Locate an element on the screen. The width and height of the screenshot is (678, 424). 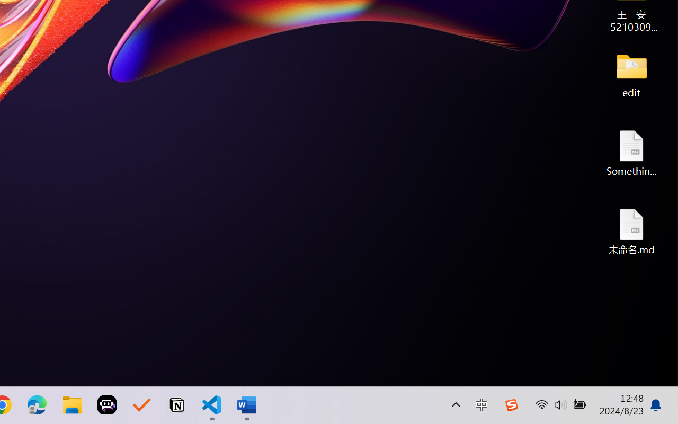
'Microsoft Edge' is located at coordinates (37, 405).